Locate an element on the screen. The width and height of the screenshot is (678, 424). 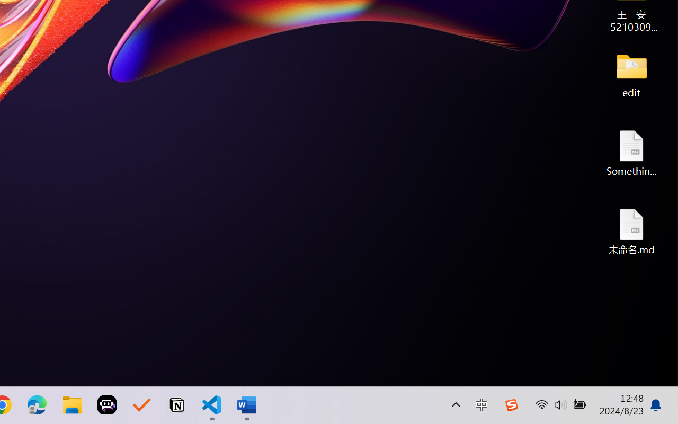
'Microsoft Edge' is located at coordinates (37, 405).